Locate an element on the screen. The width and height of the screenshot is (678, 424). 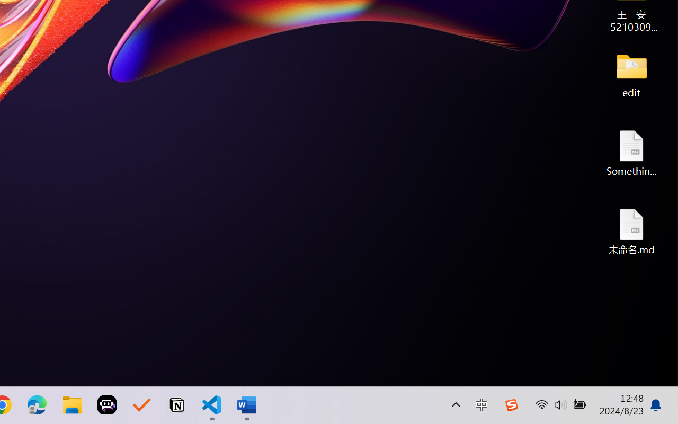
'Microsoft Edge' is located at coordinates (37, 405).